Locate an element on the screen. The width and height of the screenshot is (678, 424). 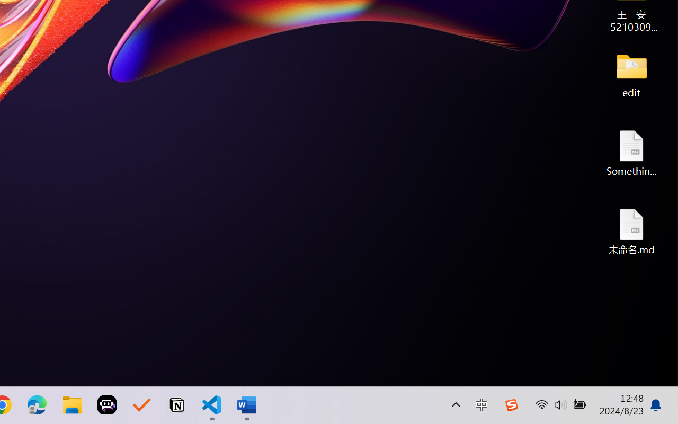
'Microsoft Edge' is located at coordinates (37, 405).